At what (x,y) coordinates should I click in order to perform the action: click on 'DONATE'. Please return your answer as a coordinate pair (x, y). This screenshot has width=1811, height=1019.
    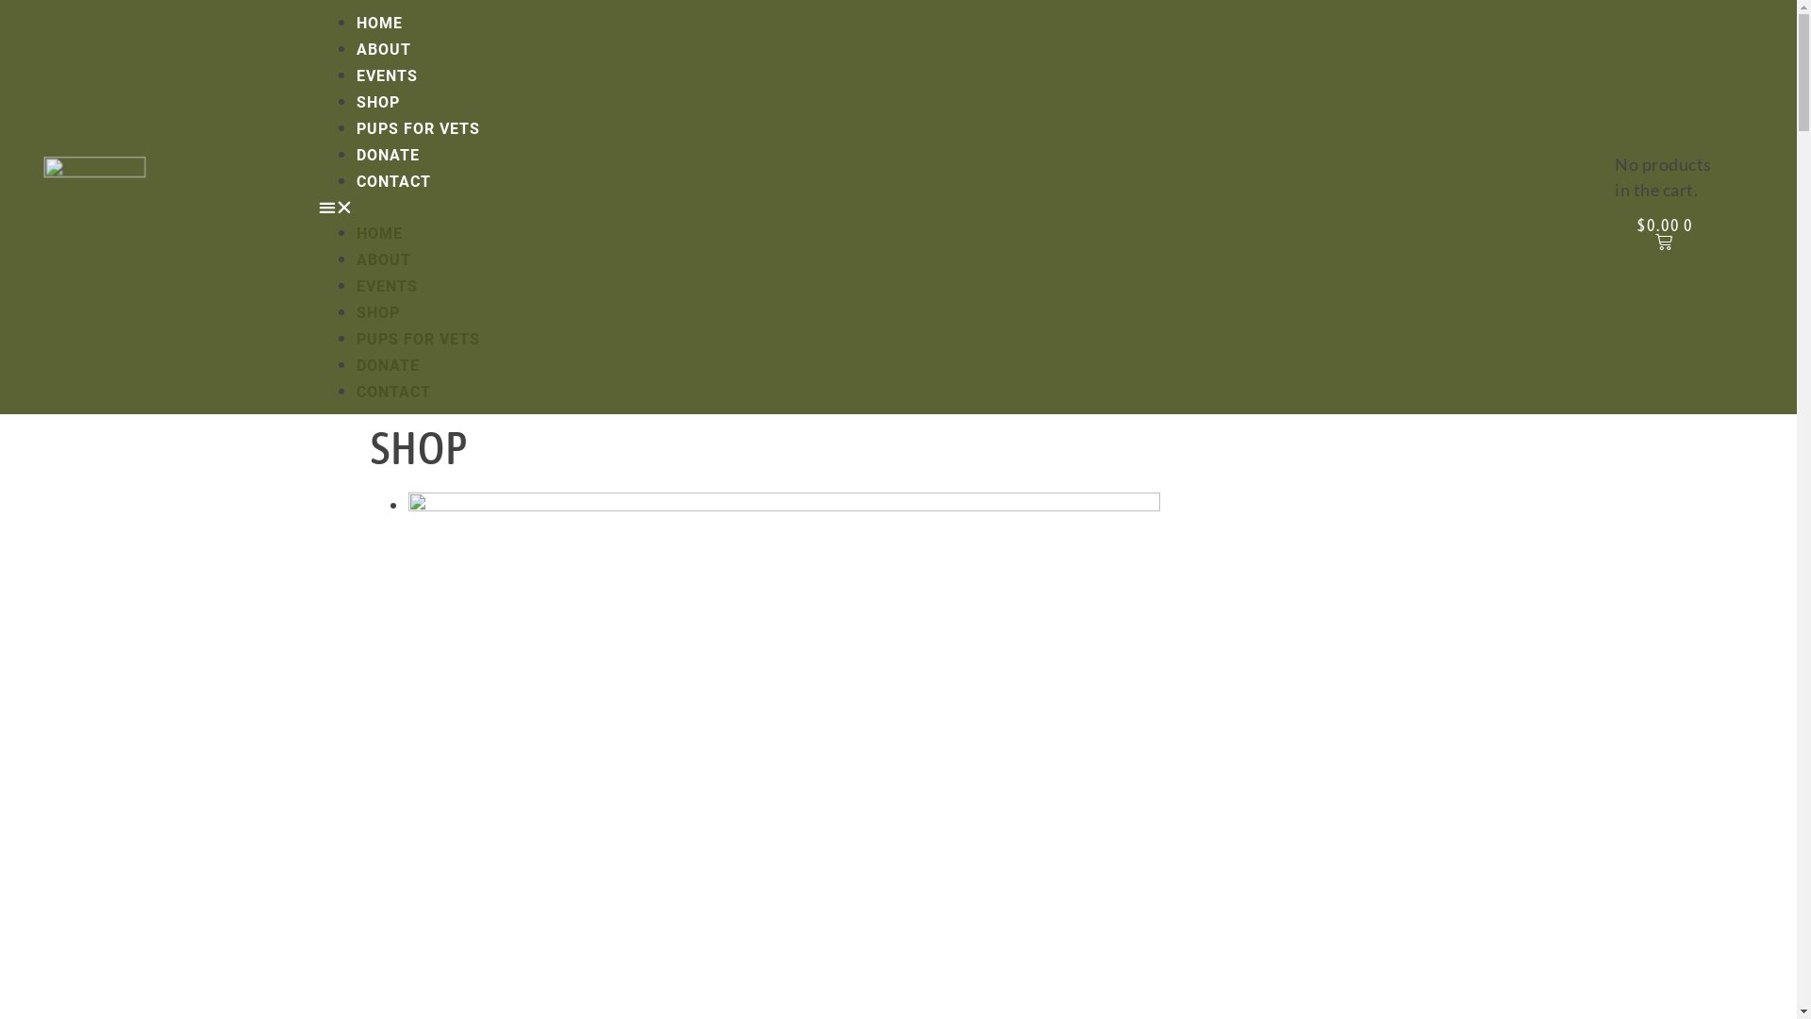
    Looking at the image, I should click on (357, 154).